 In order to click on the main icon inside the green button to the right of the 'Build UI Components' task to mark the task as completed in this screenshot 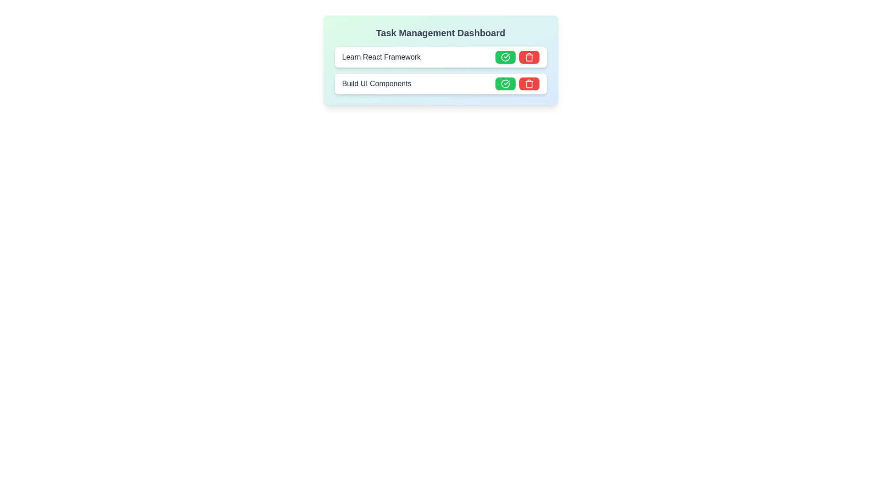, I will do `click(505, 57)`.